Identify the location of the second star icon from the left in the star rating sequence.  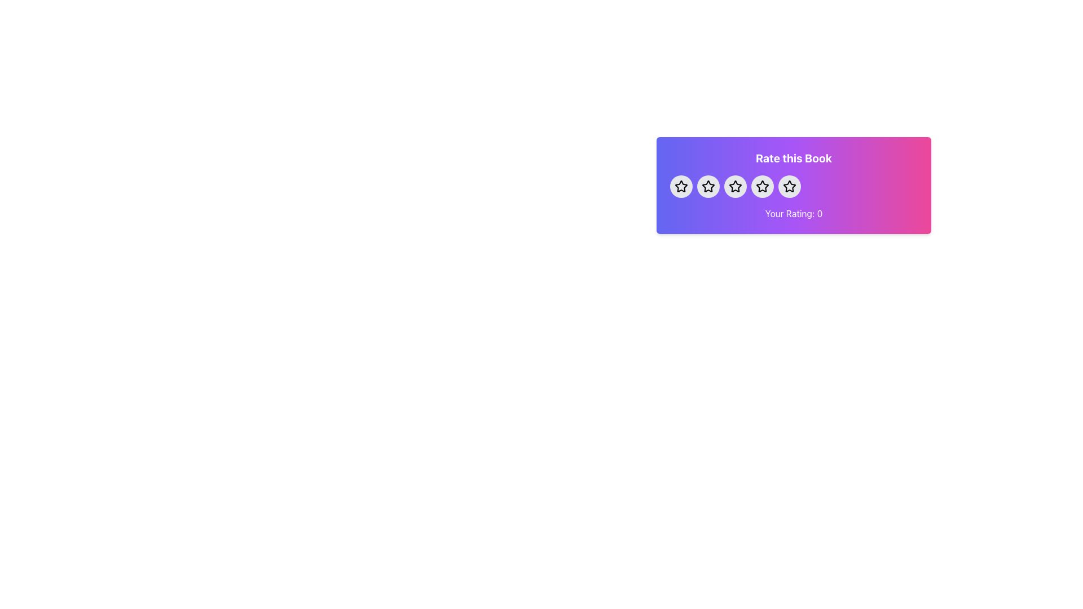
(734, 186).